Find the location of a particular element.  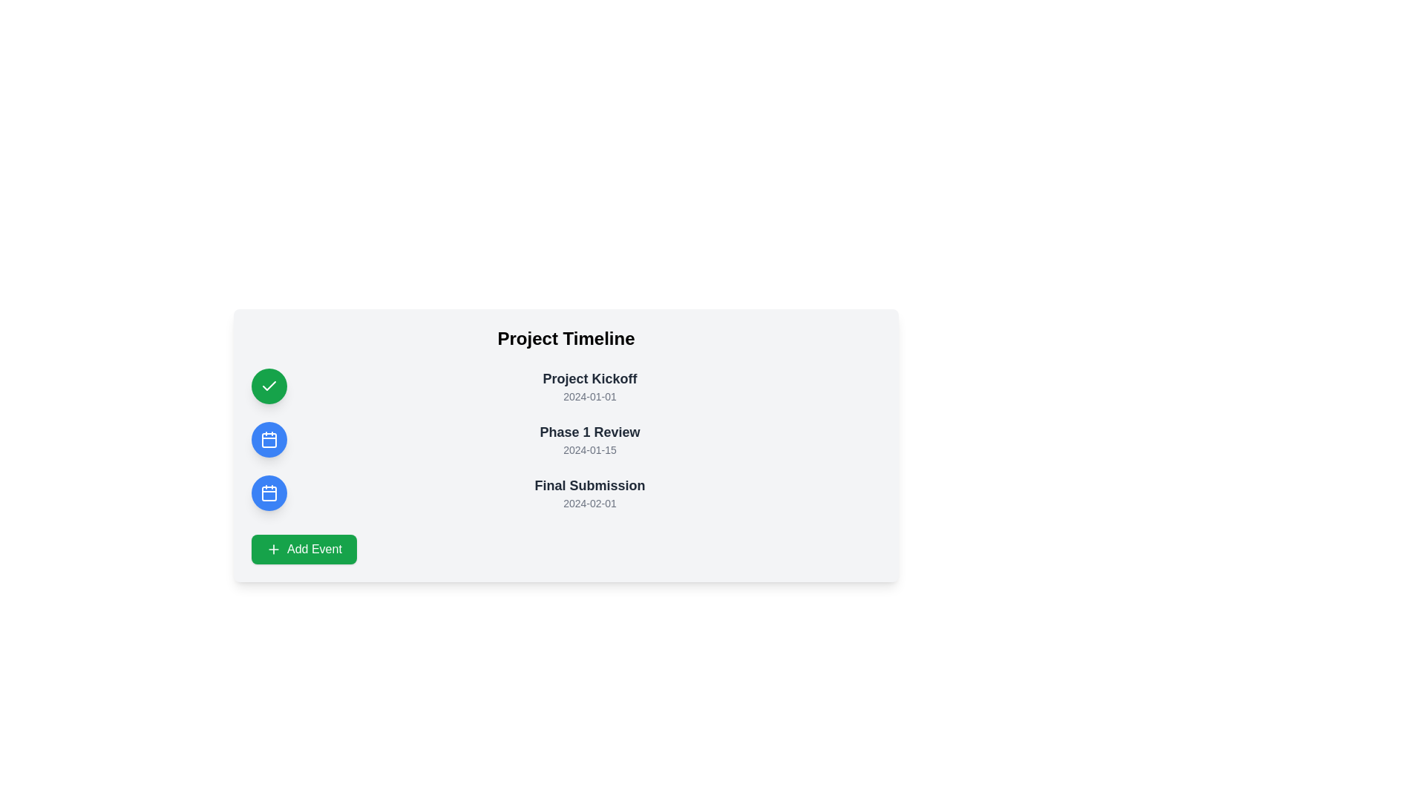

text content of the label 'Project Kickoff', which serves as the header for the event within the timeline is located at coordinates (589, 378).